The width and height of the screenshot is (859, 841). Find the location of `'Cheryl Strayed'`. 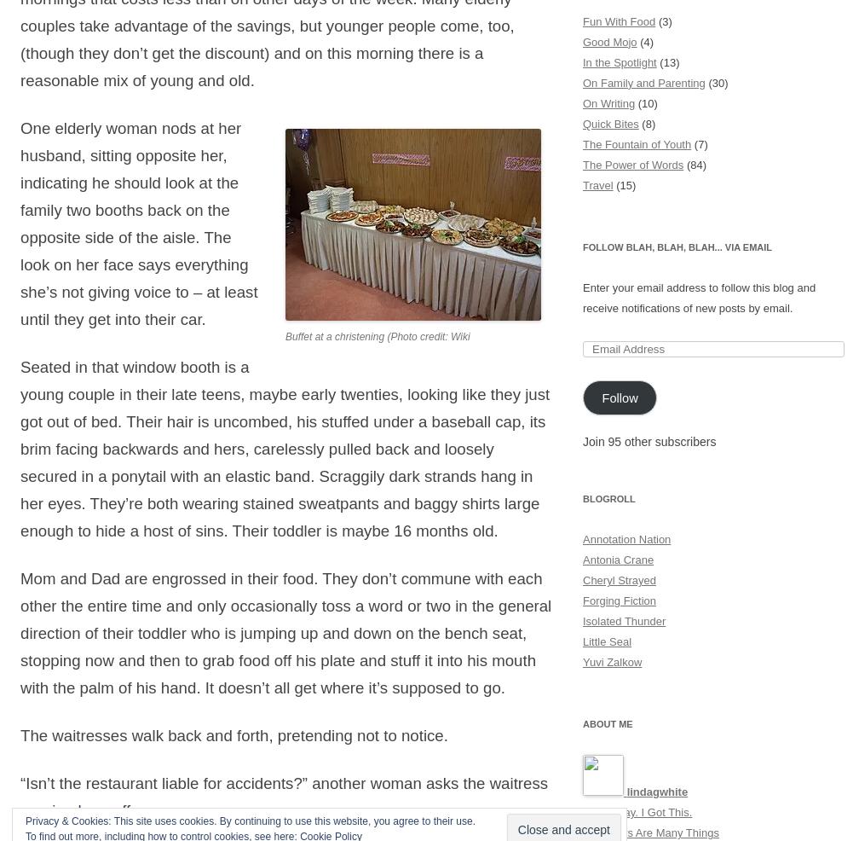

'Cheryl Strayed' is located at coordinates (619, 579).